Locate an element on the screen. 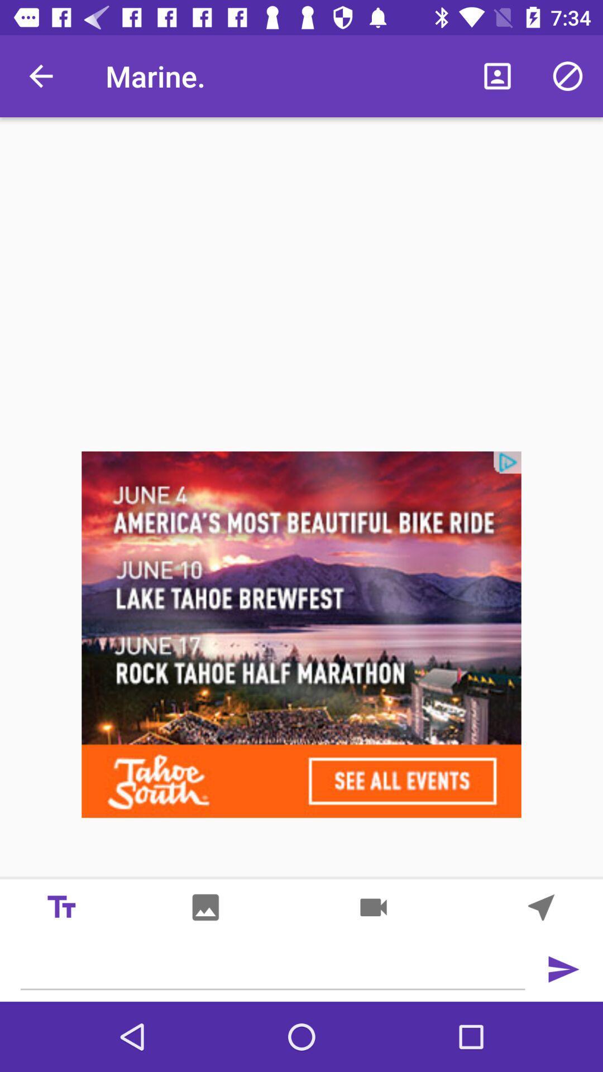  share is located at coordinates (373, 907).